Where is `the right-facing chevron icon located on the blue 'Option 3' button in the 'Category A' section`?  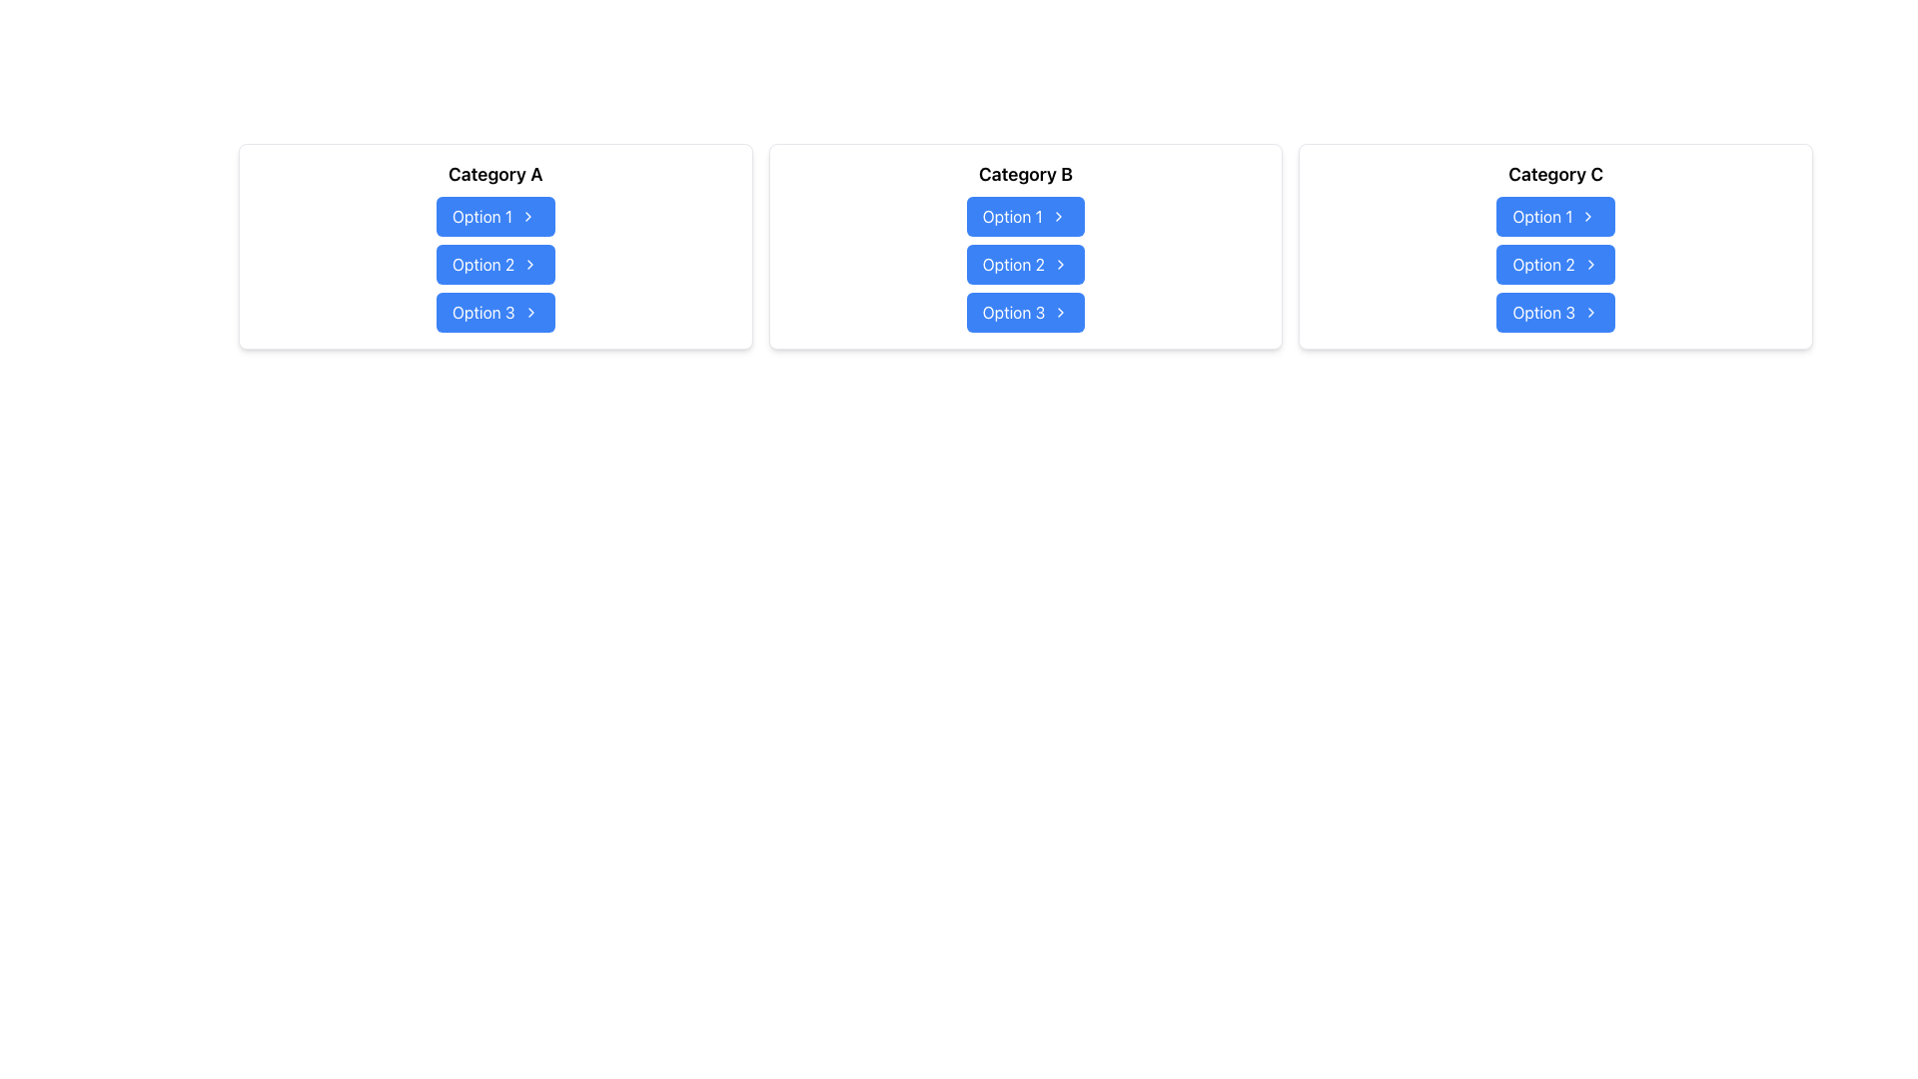 the right-facing chevron icon located on the blue 'Option 3' button in the 'Category A' section is located at coordinates (530, 312).